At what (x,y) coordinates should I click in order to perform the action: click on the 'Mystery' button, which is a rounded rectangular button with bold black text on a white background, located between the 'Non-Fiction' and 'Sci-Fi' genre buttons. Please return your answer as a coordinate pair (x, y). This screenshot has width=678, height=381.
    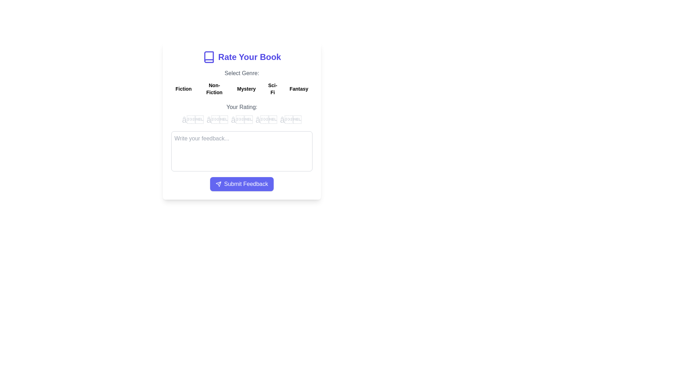
    Looking at the image, I should click on (246, 88).